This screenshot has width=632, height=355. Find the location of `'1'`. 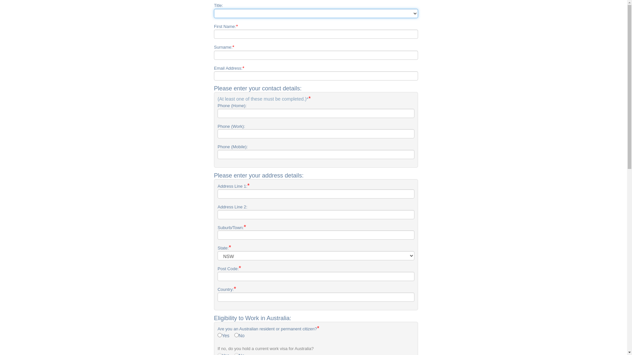

'1' is located at coordinates (220, 335).